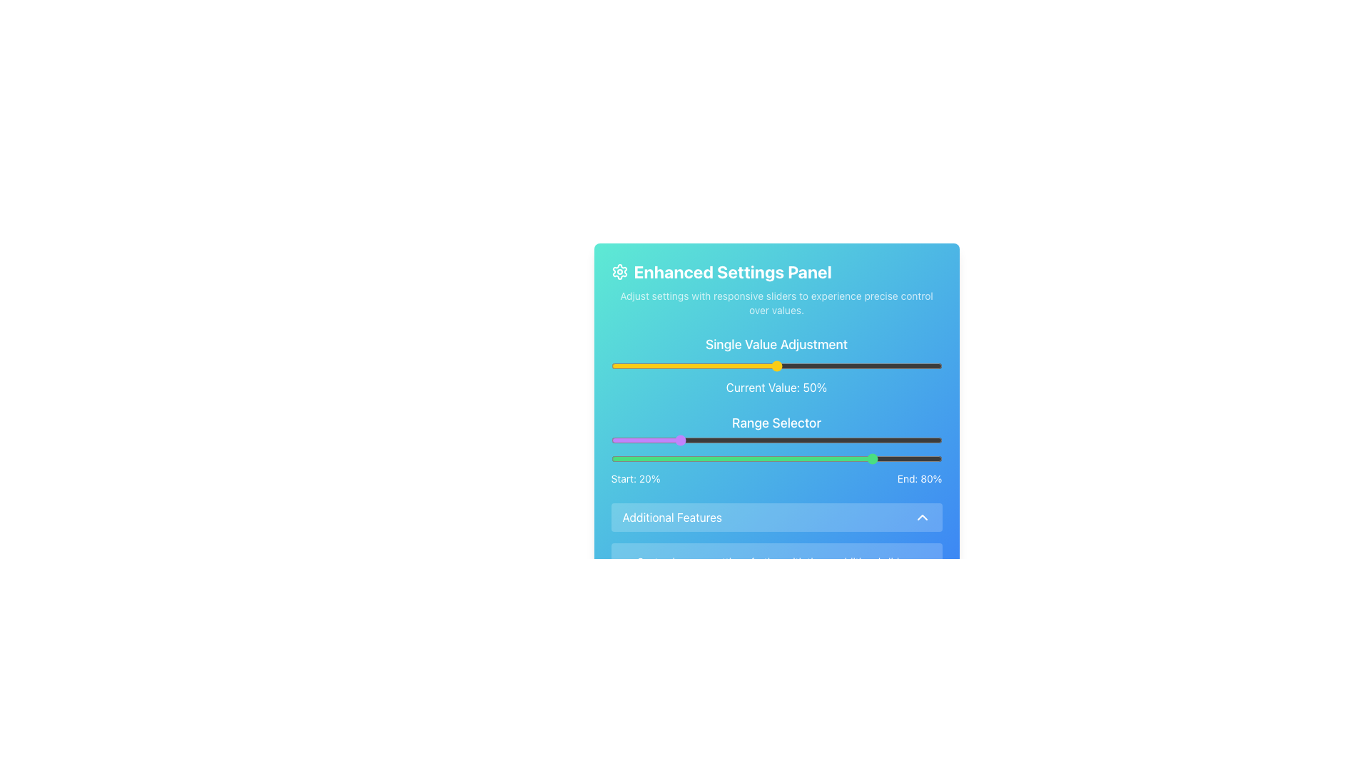 The width and height of the screenshot is (1370, 771). Describe the element at coordinates (690, 440) in the screenshot. I see `the range slider` at that location.